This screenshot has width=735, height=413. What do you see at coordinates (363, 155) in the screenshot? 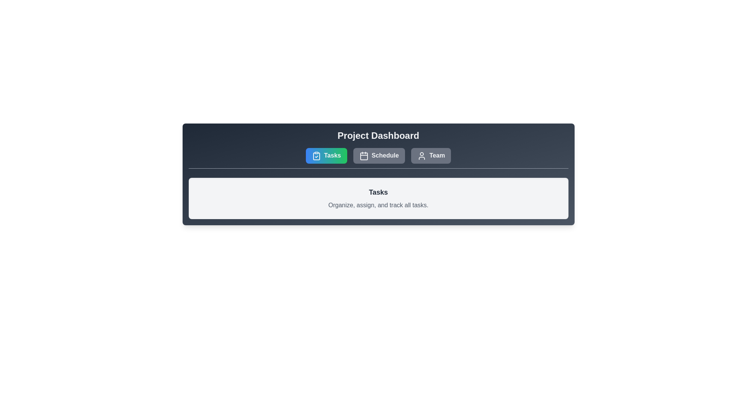
I see `the calendar icon located to the left of the 'Schedule' button in the navigation bar, which features a grey and white color scheme with a rectangular frame and date grid` at bounding box center [363, 155].